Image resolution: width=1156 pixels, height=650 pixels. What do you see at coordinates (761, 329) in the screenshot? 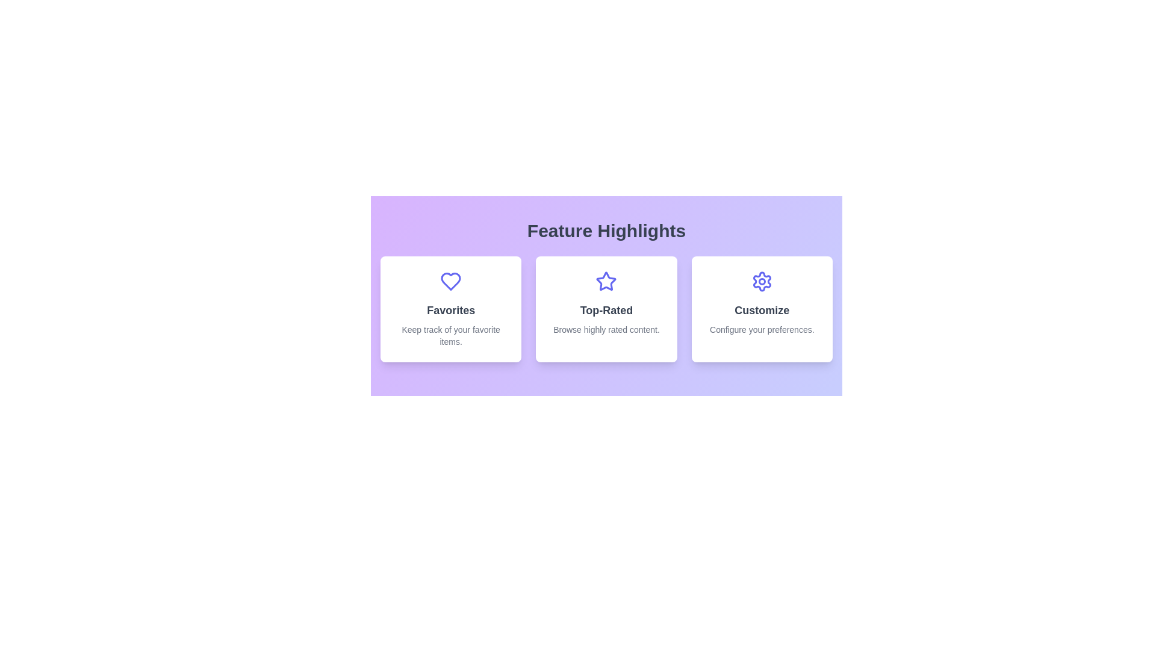
I see `descriptive text label located at the bottom of the 'Customize' card, which is the third card from the left, positioned below the 'Customize' heading` at bounding box center [761, 329].